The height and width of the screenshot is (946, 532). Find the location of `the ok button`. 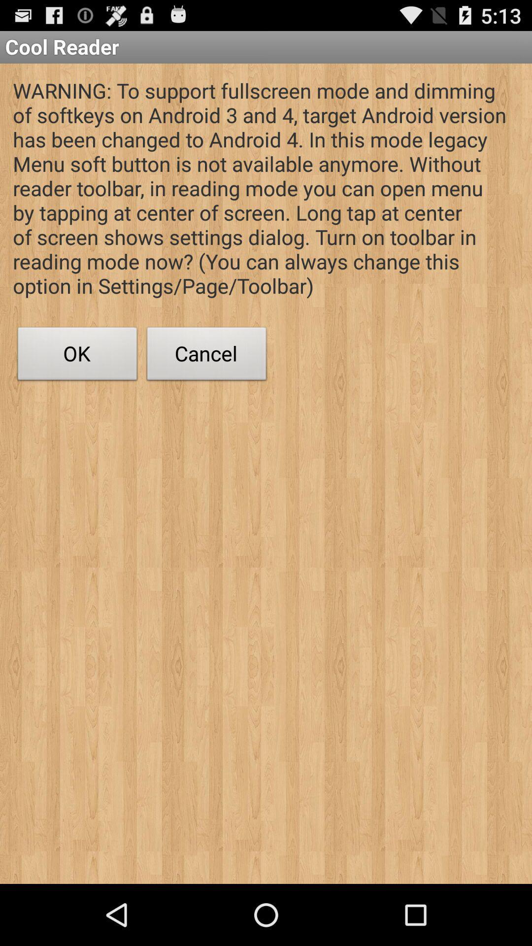

the ok button is located at coordinates (77, 356).